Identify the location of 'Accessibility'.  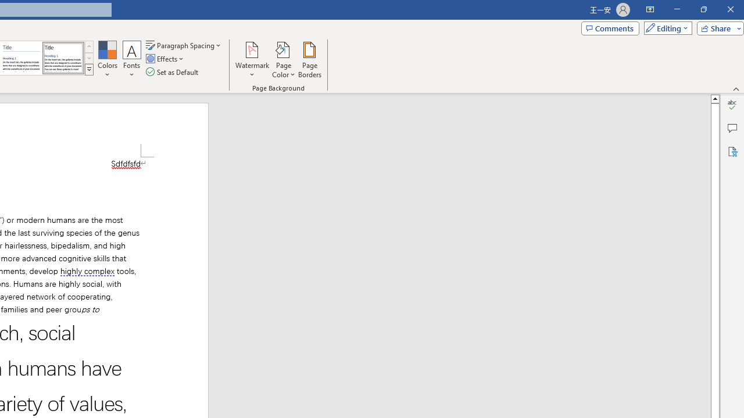
(732, 151).